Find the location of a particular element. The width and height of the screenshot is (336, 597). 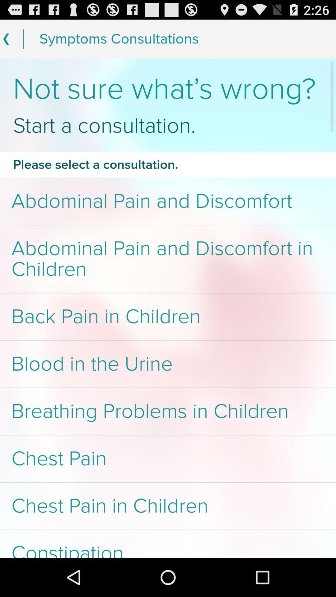

app below chest pain in app is located at coordinates (168, 544).